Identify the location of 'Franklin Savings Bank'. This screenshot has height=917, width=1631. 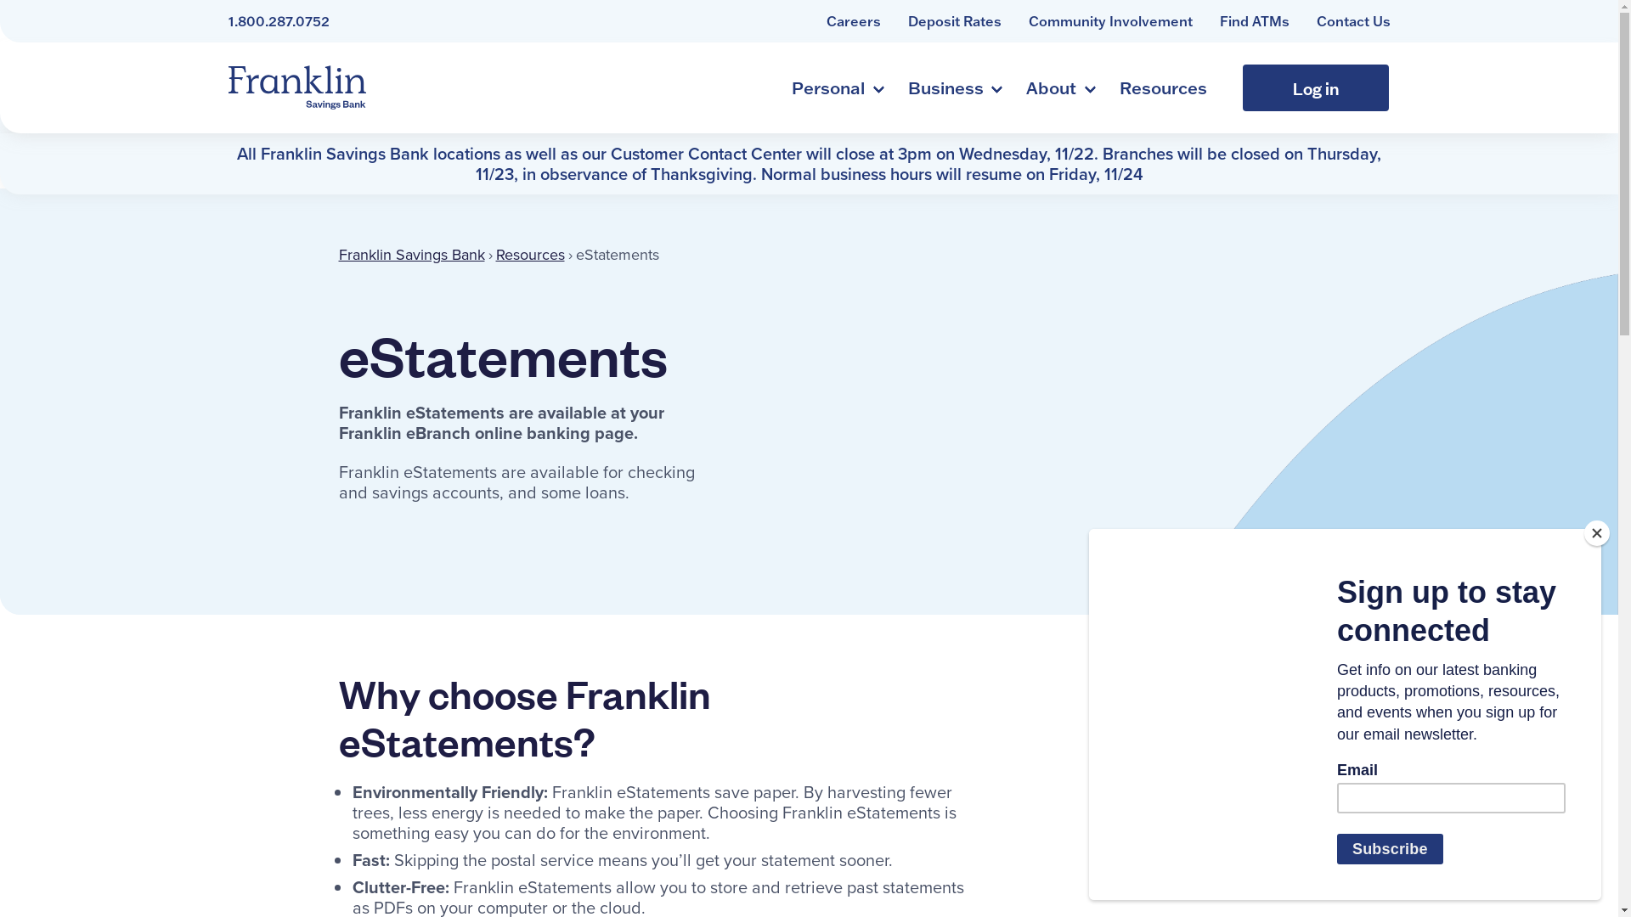
(296, 87).